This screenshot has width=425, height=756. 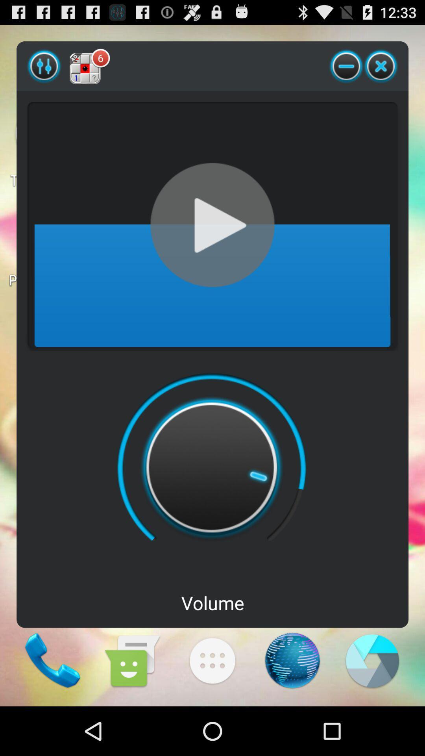 I want to click on the sliders icon, so click(x=44, y=70).